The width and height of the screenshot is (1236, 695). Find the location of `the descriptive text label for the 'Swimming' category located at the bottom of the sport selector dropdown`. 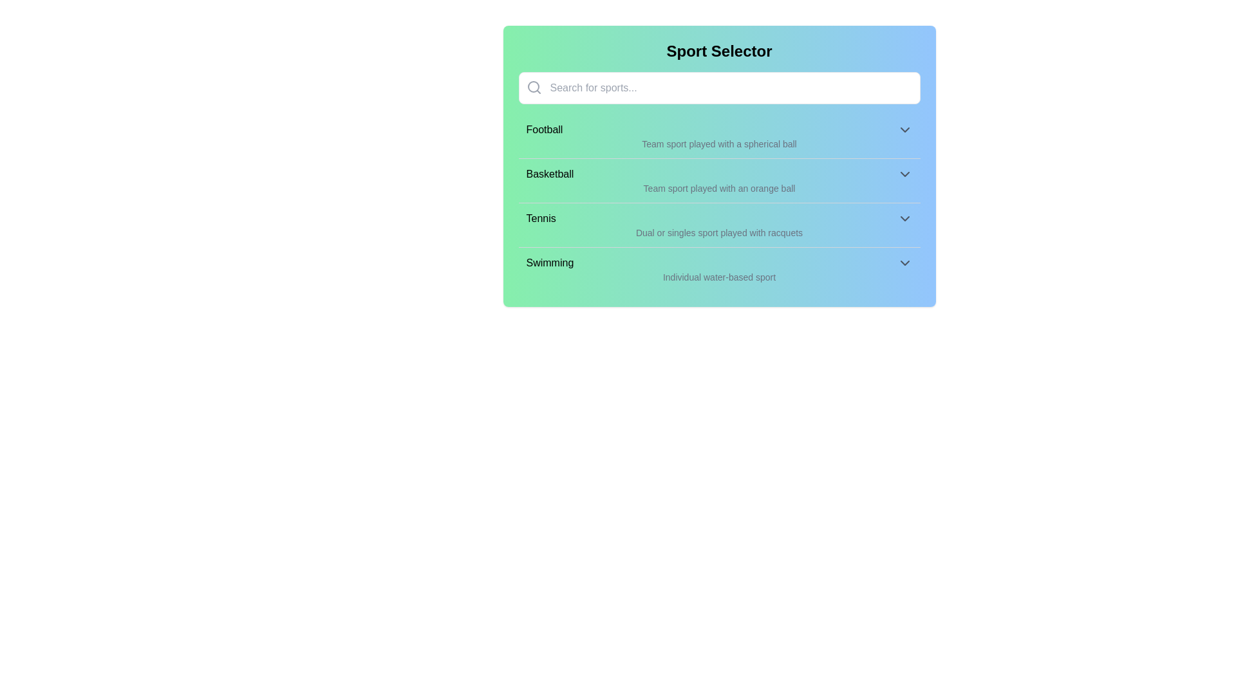

the descriptive text label for the 'Swimming' category located at the bottom of the sport selector dropdown is located at coordinates (718, 277).